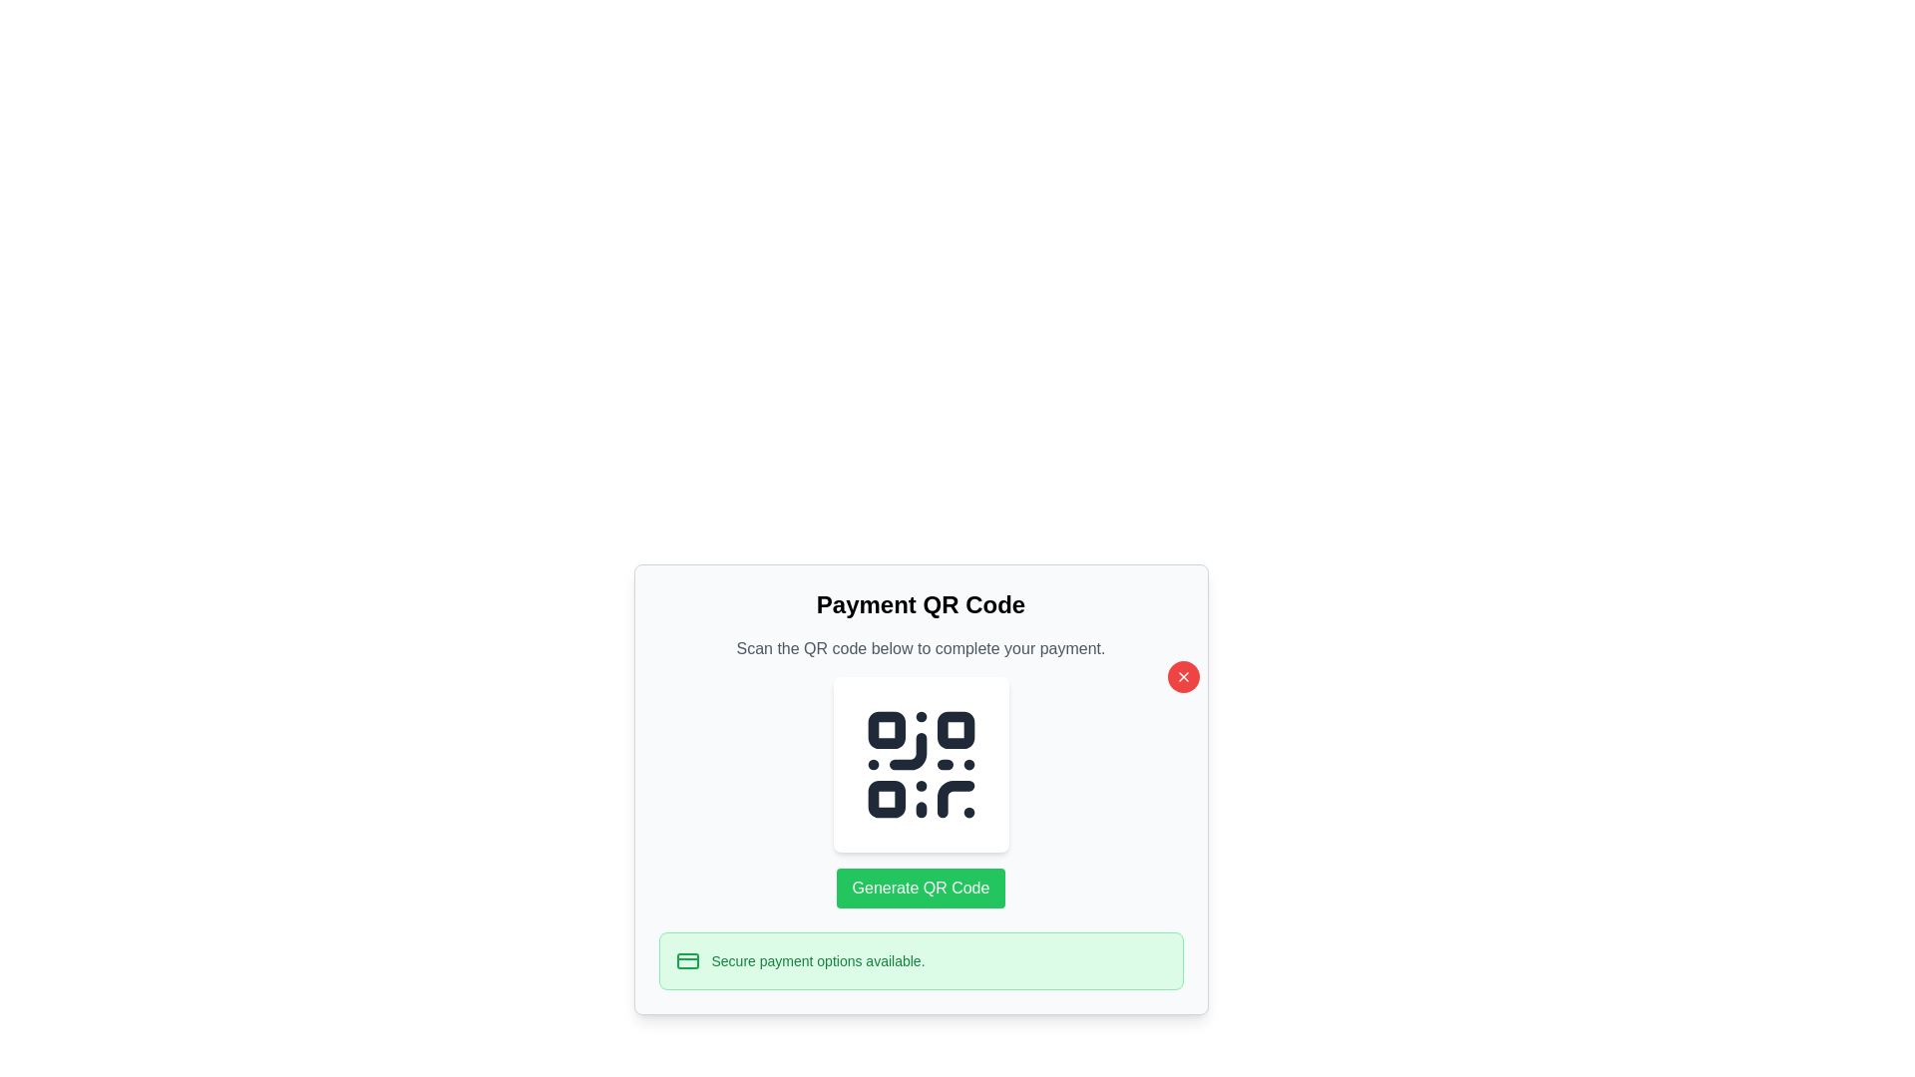 The height and width of the screenshot is (1077, 1915). Describe the element at coordinates (885, 798) in the screenshot. I see `the third square within the QR code-like structure located at the bottom-left corner of the modal titled 'Payment QR Code'` at that location.